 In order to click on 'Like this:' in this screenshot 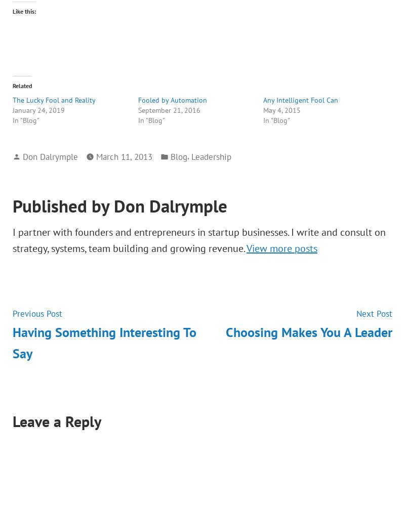, I will do `click(24, 11)`.